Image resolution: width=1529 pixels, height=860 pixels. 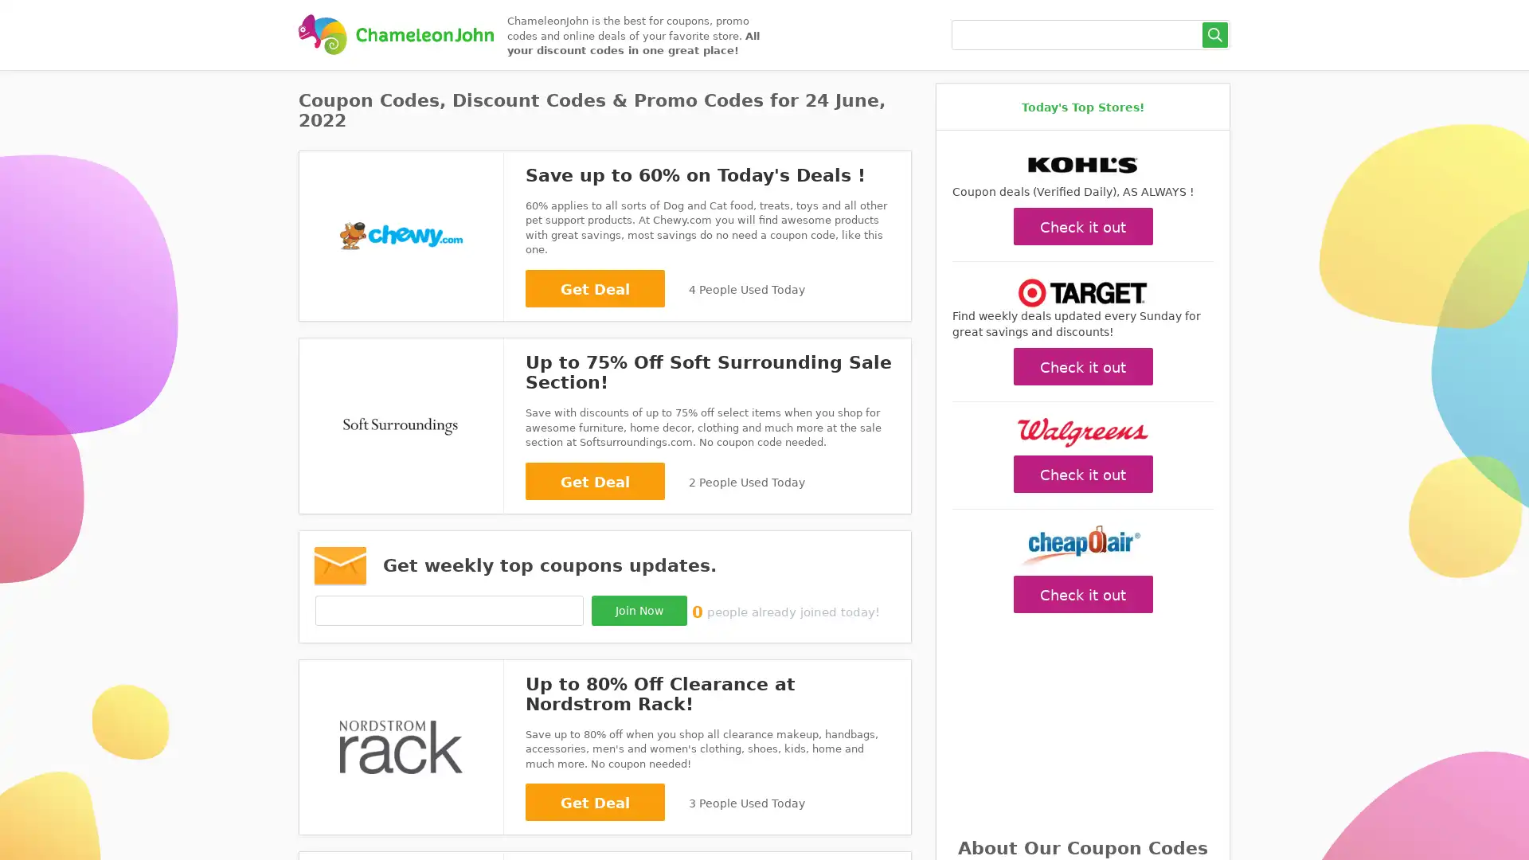 What do you see at coordinates (638, 609) in the screenshot?
I see `Join Now` at bounding box center [638, 609].